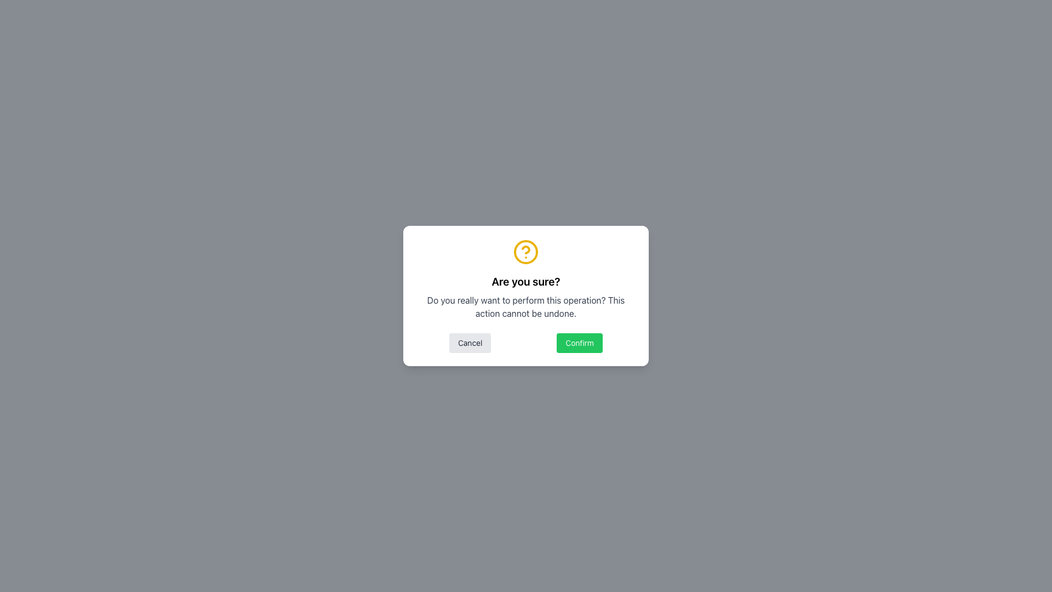 The width and height of the screenshot is (1052, 592). What do you see at coordinates (579, 342) in the screenshot?
I see `the confirm button located at the bottom right of the modal dialog` at bounding box center [579, 342].